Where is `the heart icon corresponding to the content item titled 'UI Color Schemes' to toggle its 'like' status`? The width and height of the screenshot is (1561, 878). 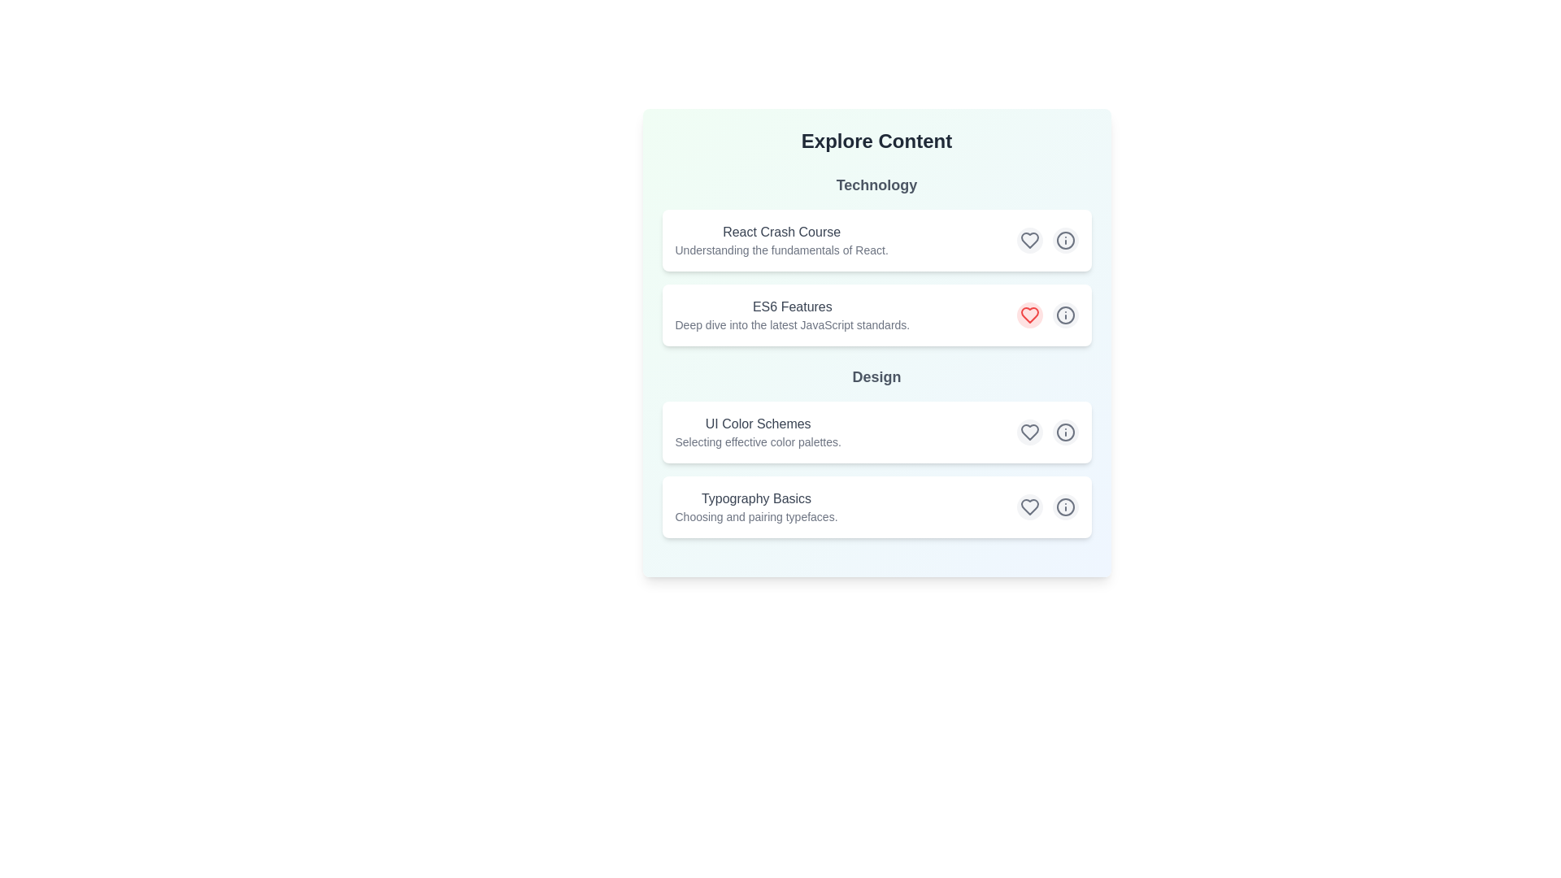 the heart icon corresponding to the content item titled 'UI Color Schemes' to toggle its 'like' status is located at coordinates (1028, 432).